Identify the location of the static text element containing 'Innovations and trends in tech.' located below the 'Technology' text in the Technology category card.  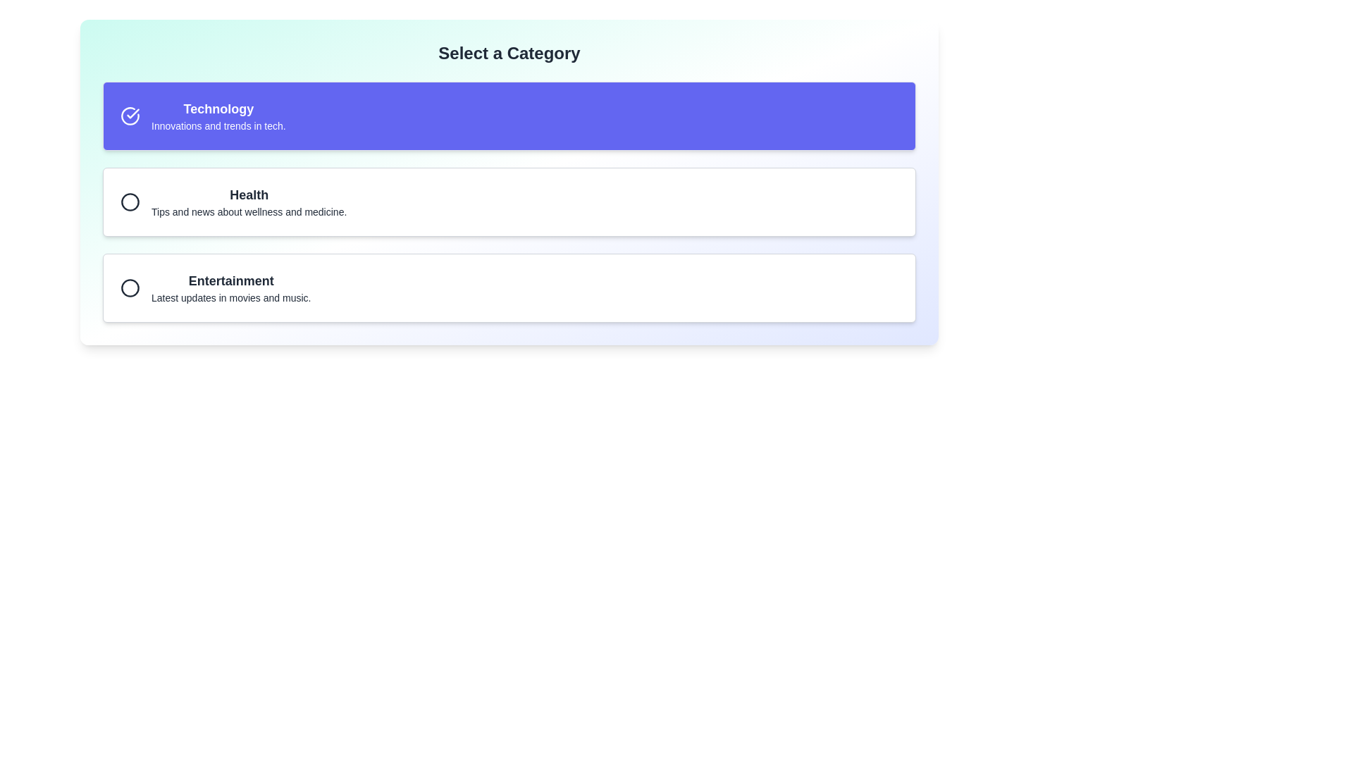
(218, 125).